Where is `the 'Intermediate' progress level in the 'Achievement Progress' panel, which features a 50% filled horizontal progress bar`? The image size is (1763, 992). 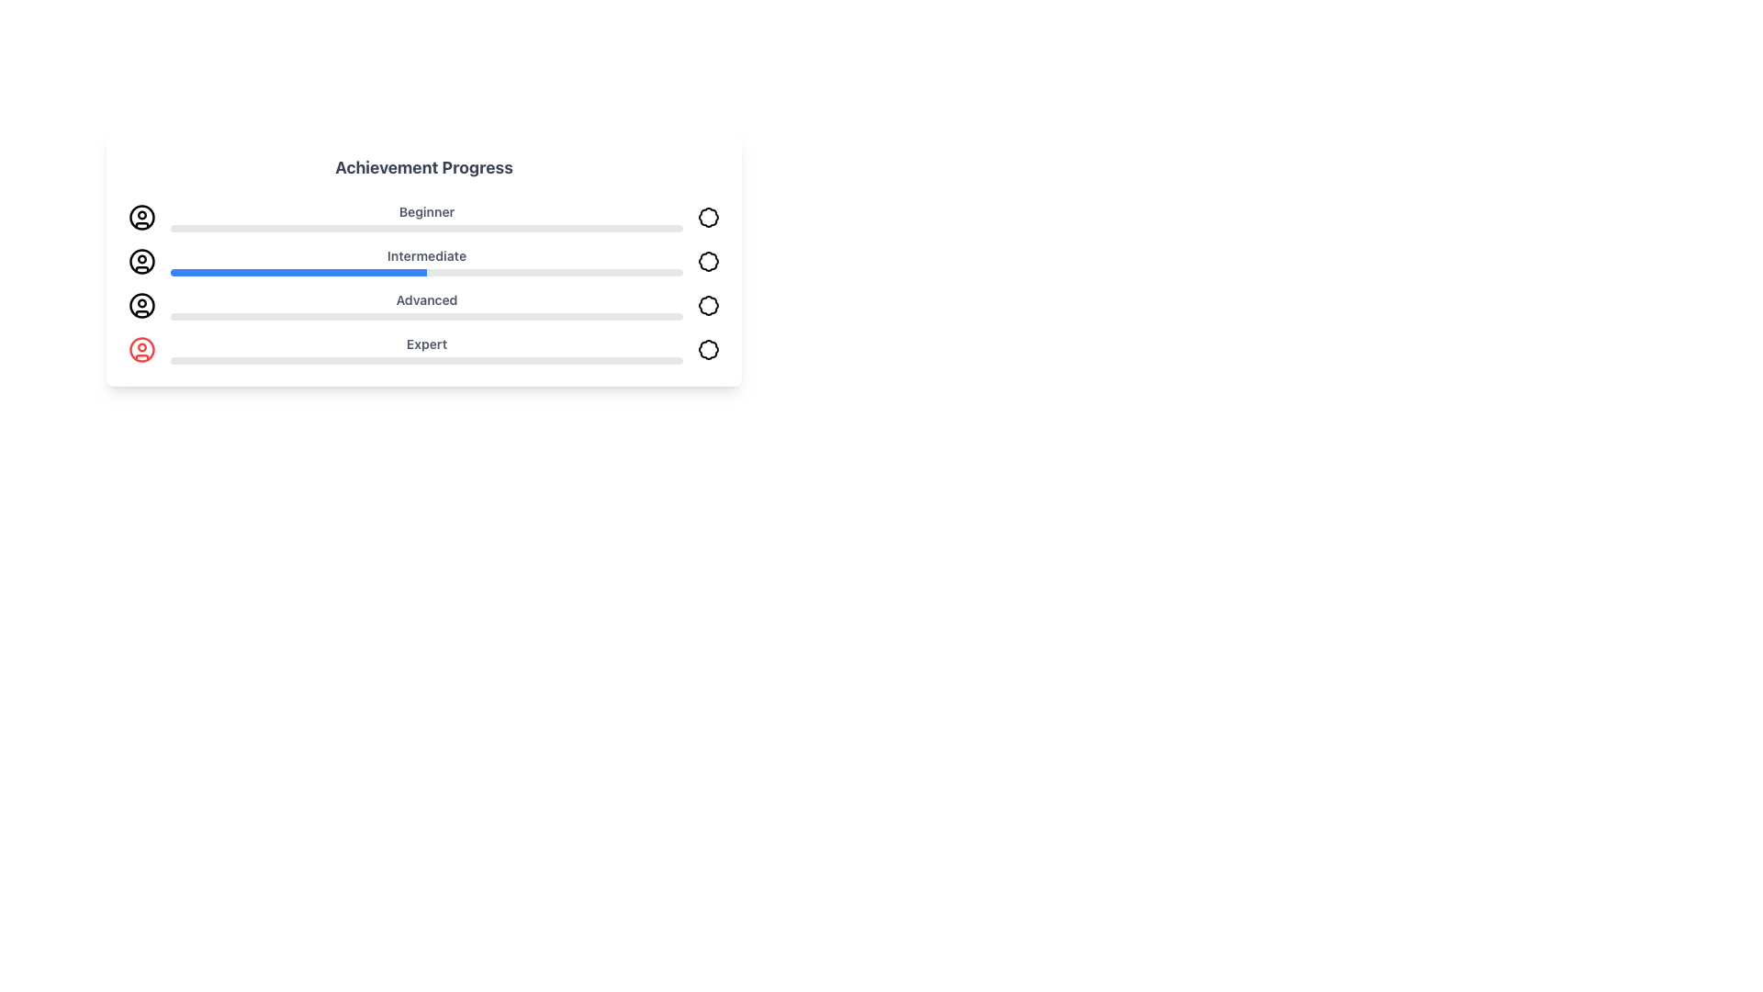 the 'Intermediate' progress level in the 'Achievement Progress' panel, which features a 50% filled horizontal progress bar is located at coordinates (422, 283).